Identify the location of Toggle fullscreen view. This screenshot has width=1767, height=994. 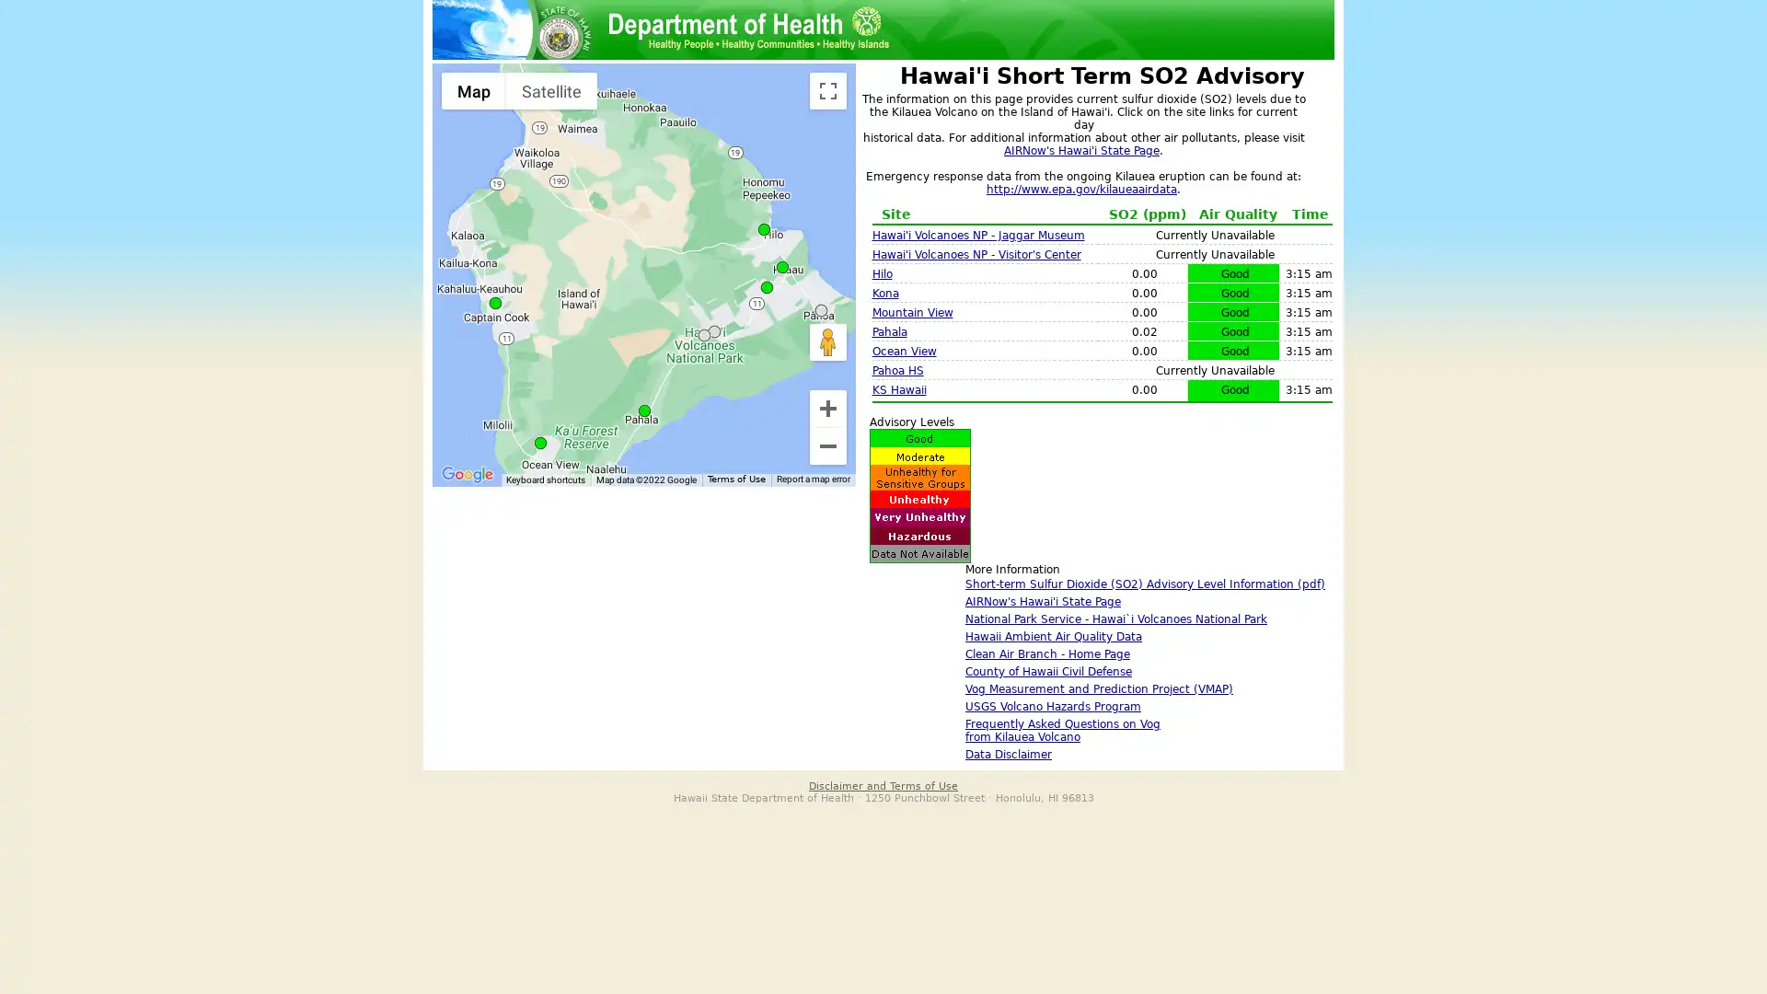
(827, 91).